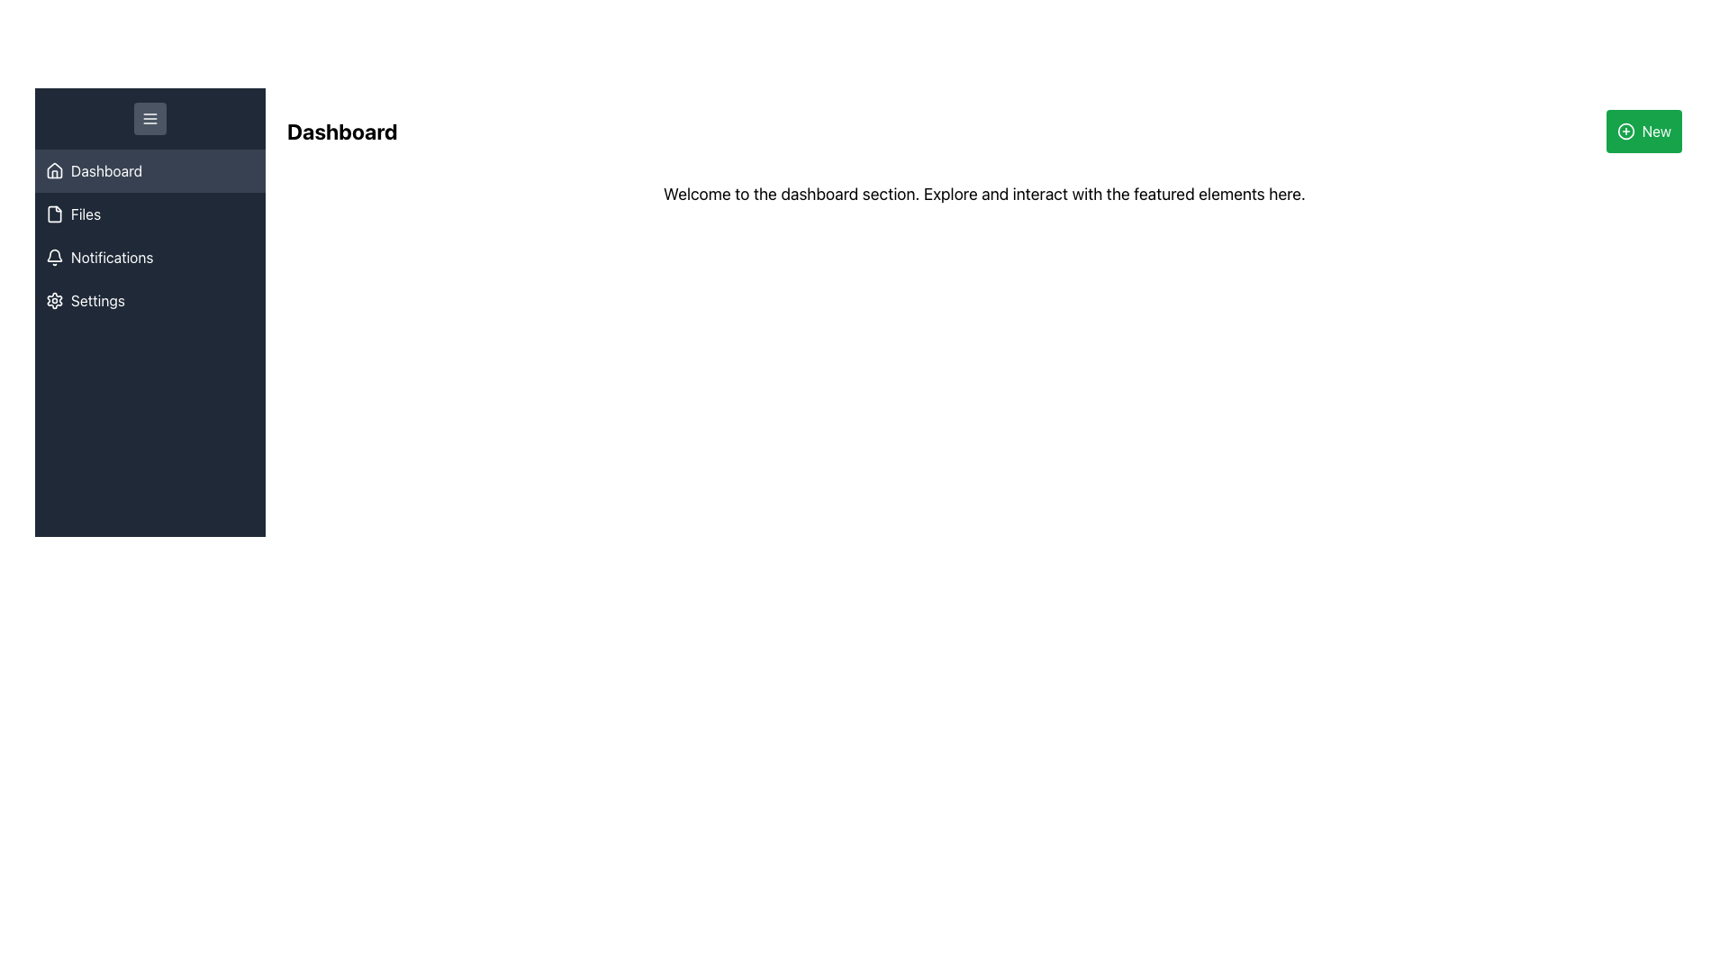 This screenshot has height=973, width=1729. Describe the element at coordinates (96, 300) in the screenshot. I see `the 'Settings' label in the navigation menu` at that location.